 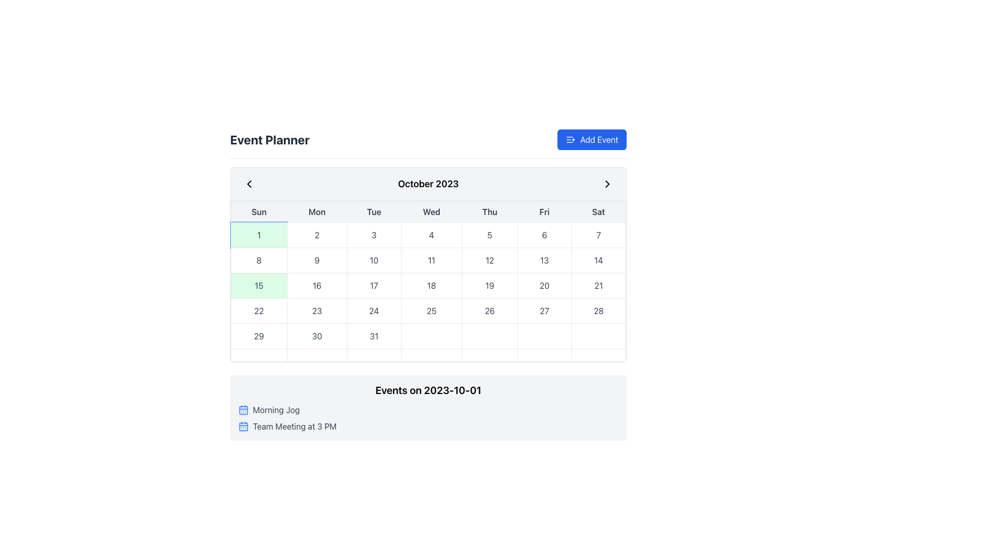 What do you see at coordinates (431, 310) in the screenshot?
I see `the Calendar Cell displaying the number '25' located in the fourth column of the fourth row` at bounding box center [431, 310].